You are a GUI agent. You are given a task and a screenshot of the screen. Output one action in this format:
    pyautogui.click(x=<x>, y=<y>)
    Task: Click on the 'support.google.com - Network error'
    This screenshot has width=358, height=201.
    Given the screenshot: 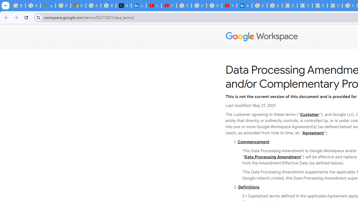 What is the action you would take?
    pyautogui.click(x=48, y=6)
    